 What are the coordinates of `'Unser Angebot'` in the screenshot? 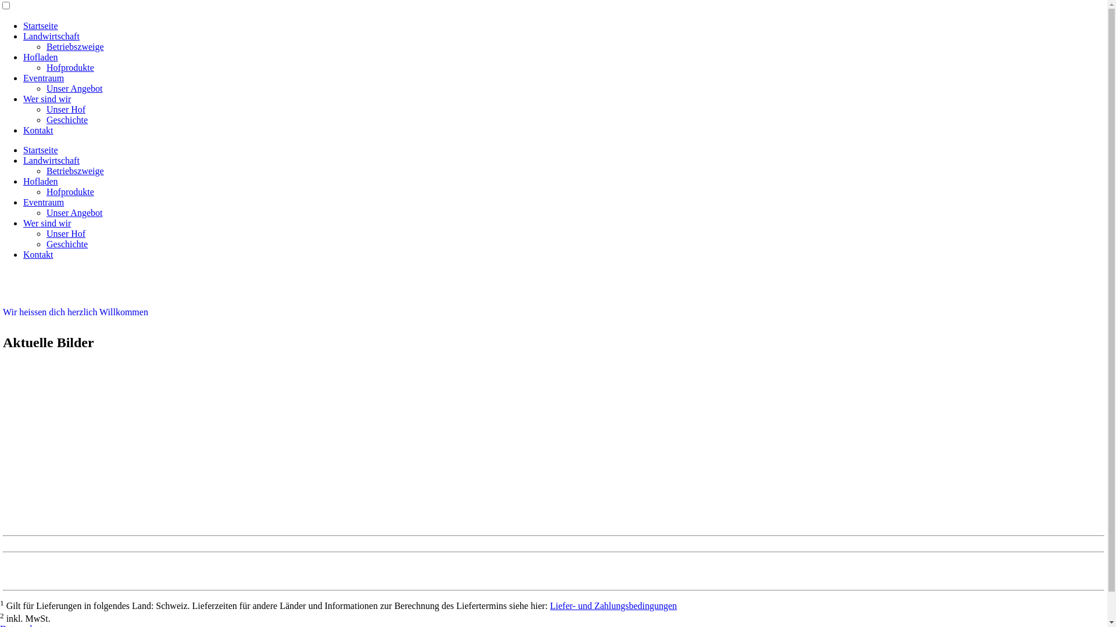 It's located at (46, 88).